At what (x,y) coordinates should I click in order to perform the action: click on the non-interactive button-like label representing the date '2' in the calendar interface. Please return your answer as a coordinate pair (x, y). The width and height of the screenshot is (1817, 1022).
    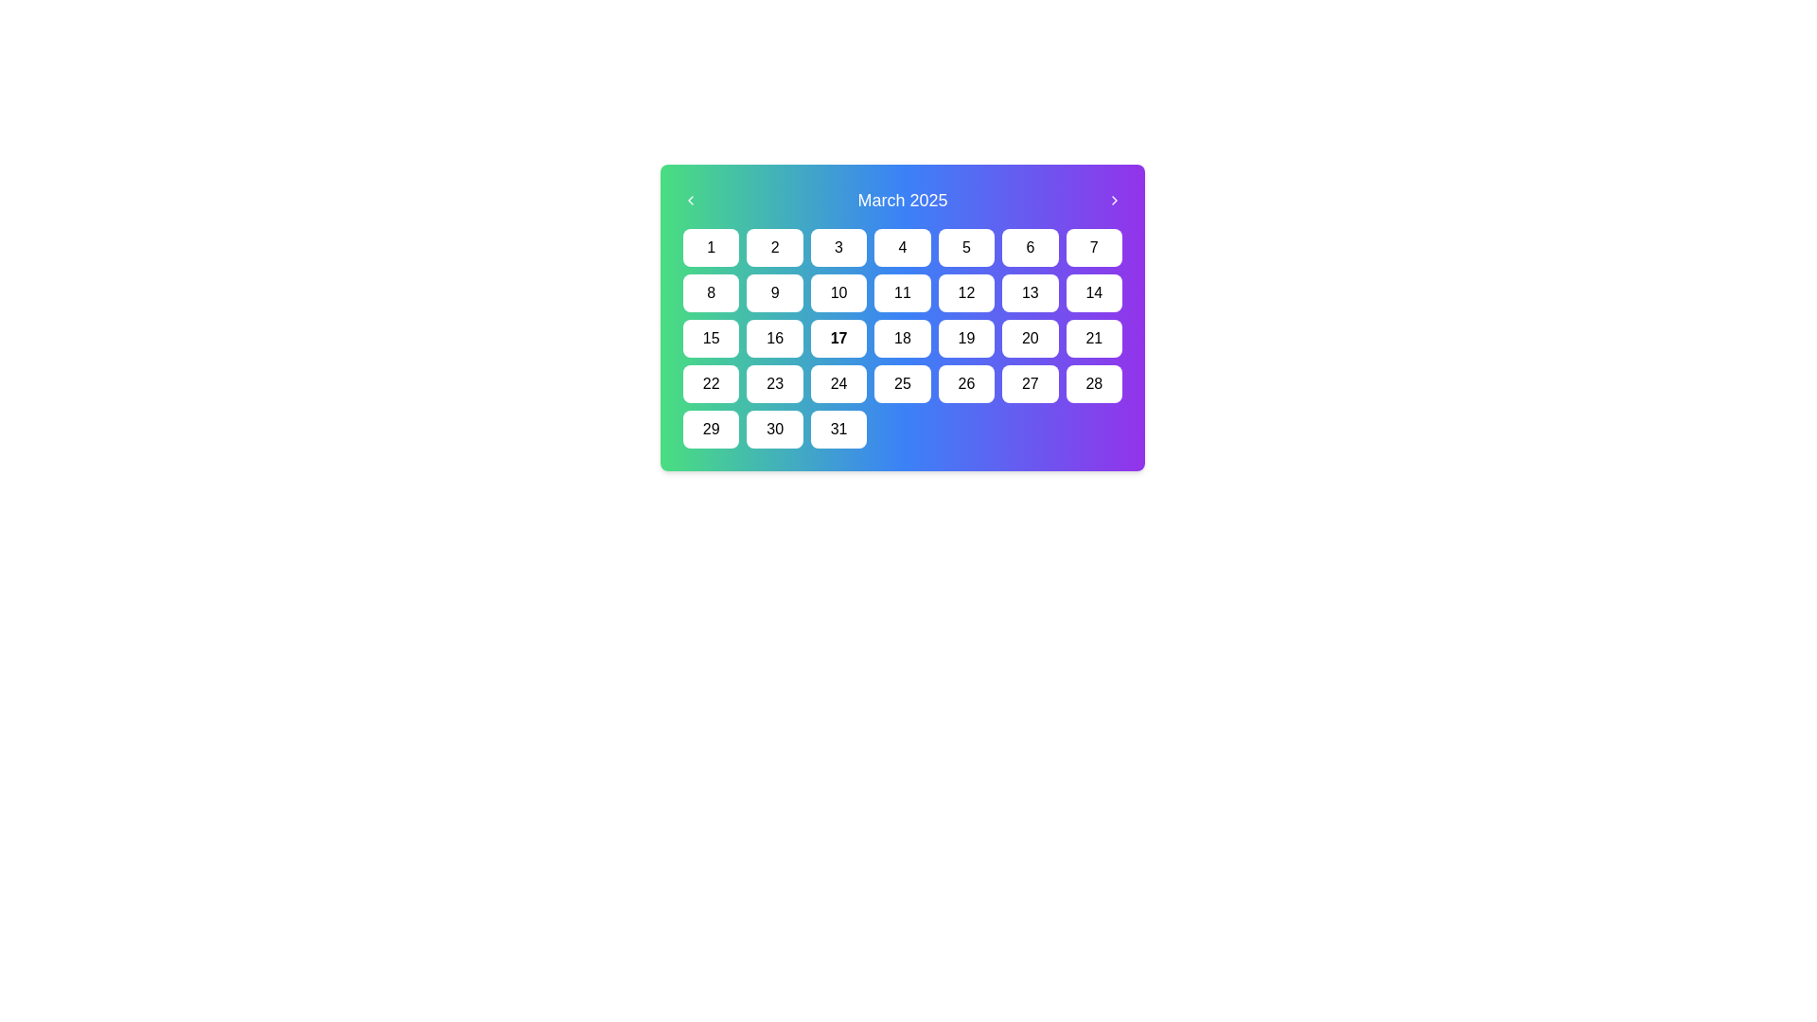
    Looking at the image, I should click on (775, 247).